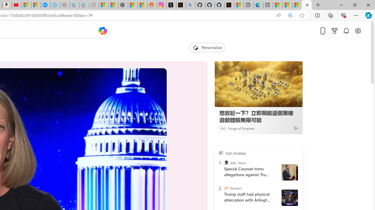  What do you see at coordinates (123, 5) in the screenshot?
I see `'Nordace - Duffels'` at bounding box center [123, 5].